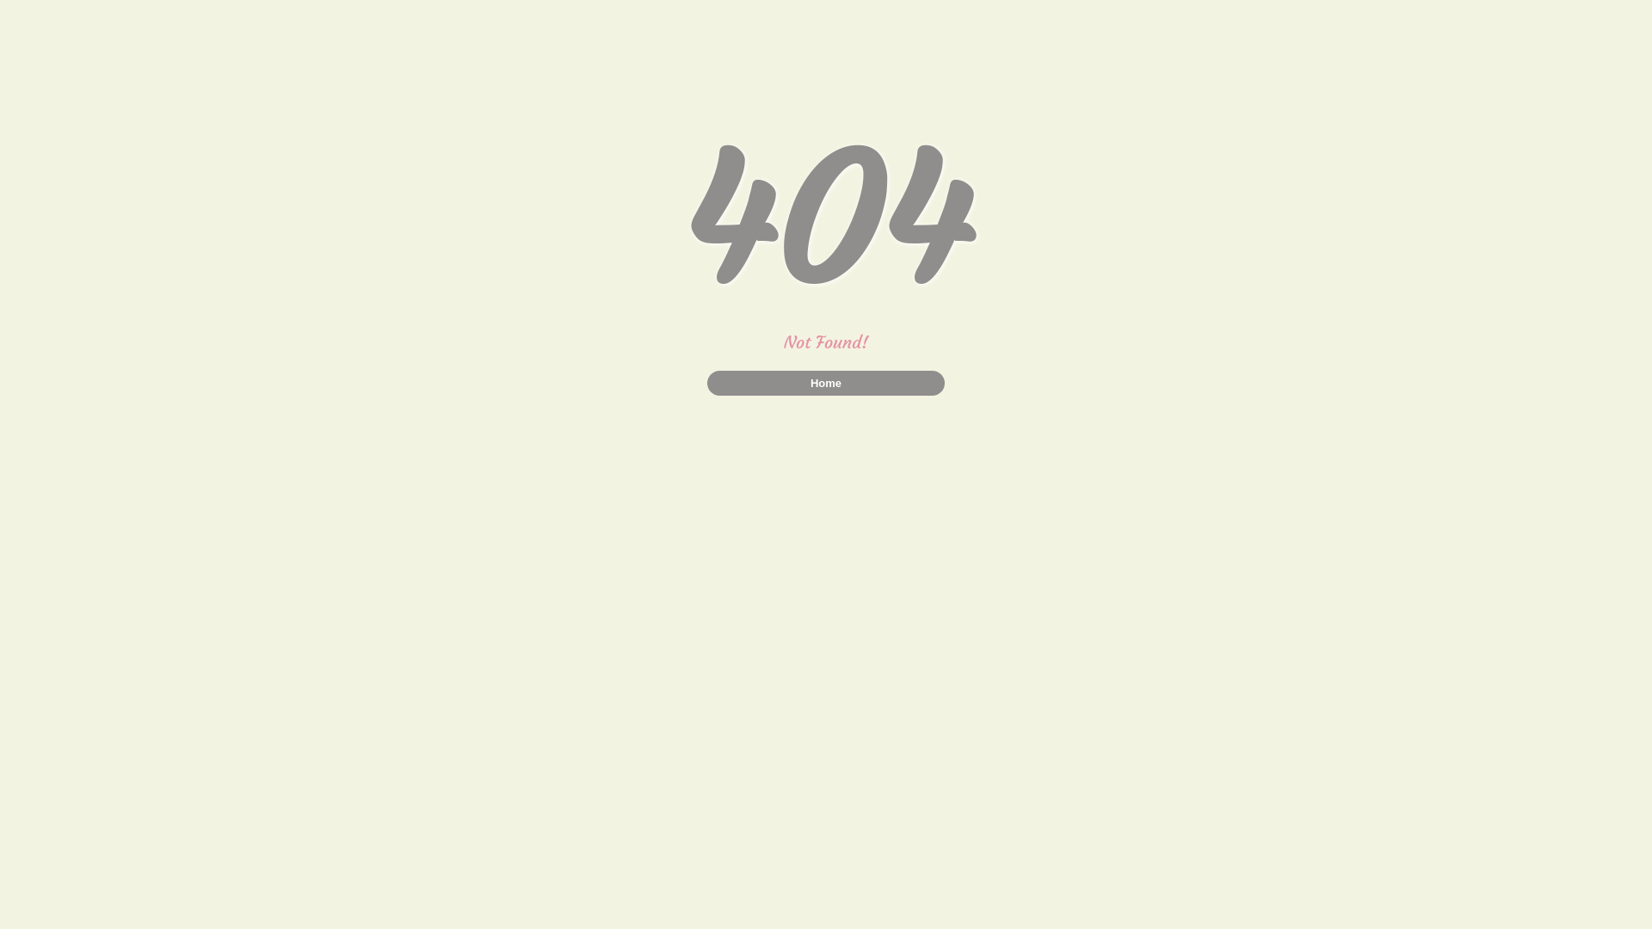 This screenshot has height=929, width=1652. I want to click on 'Home', so click(826, 382).